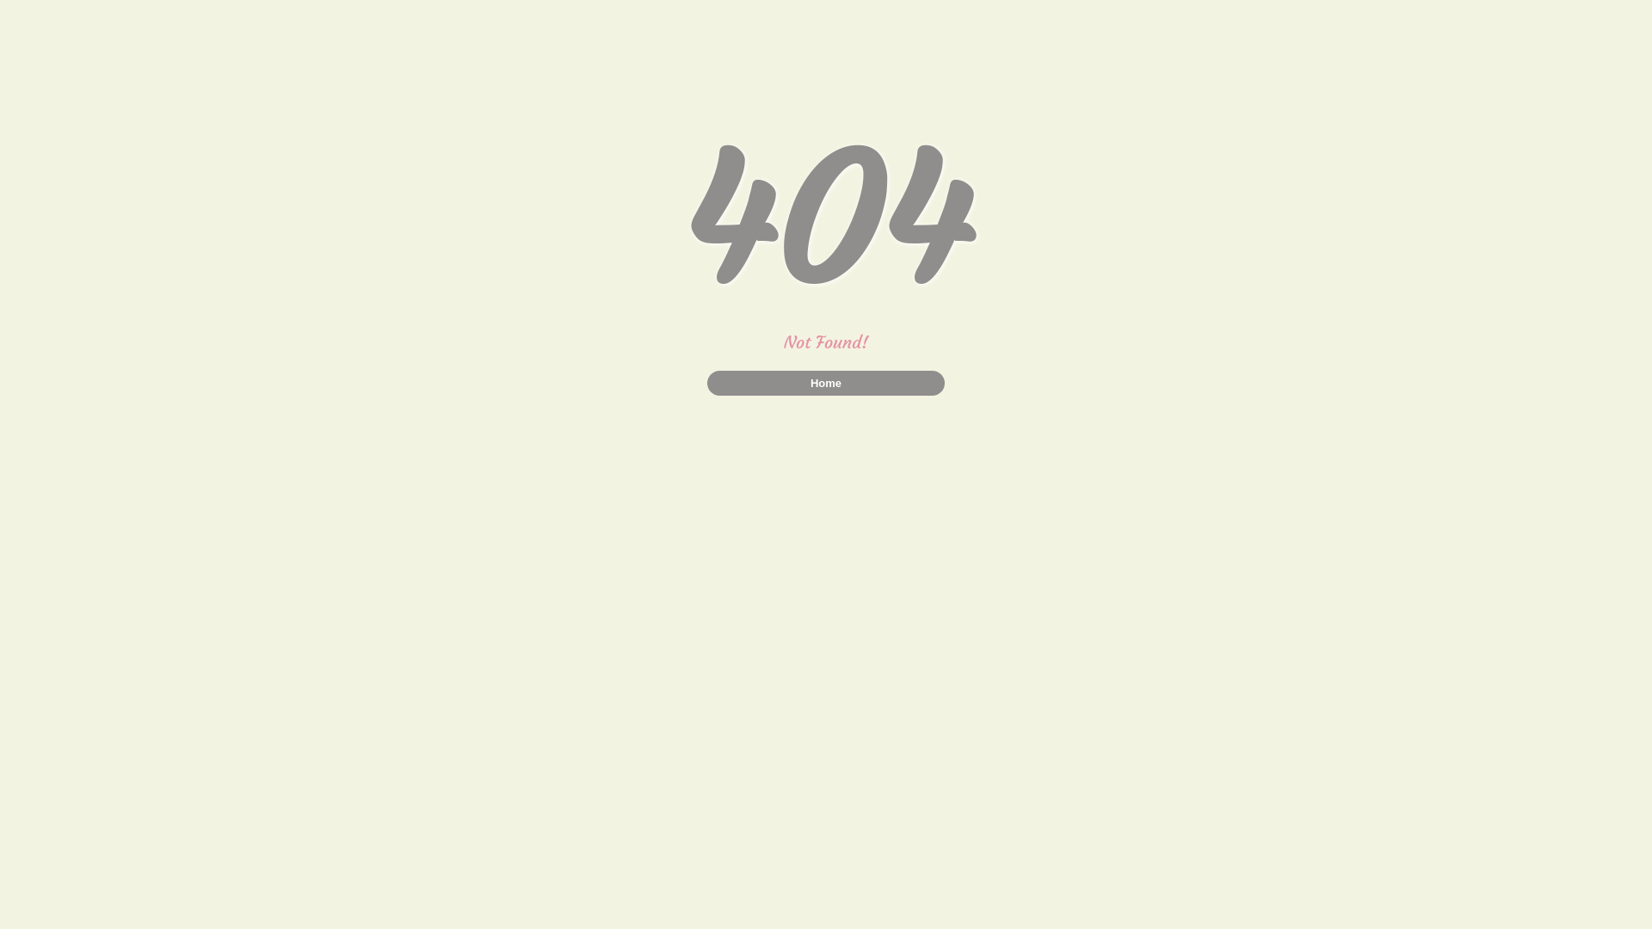 This screenshot has height=929, width=1652. I want to click on 'Home', so click(826, 382).